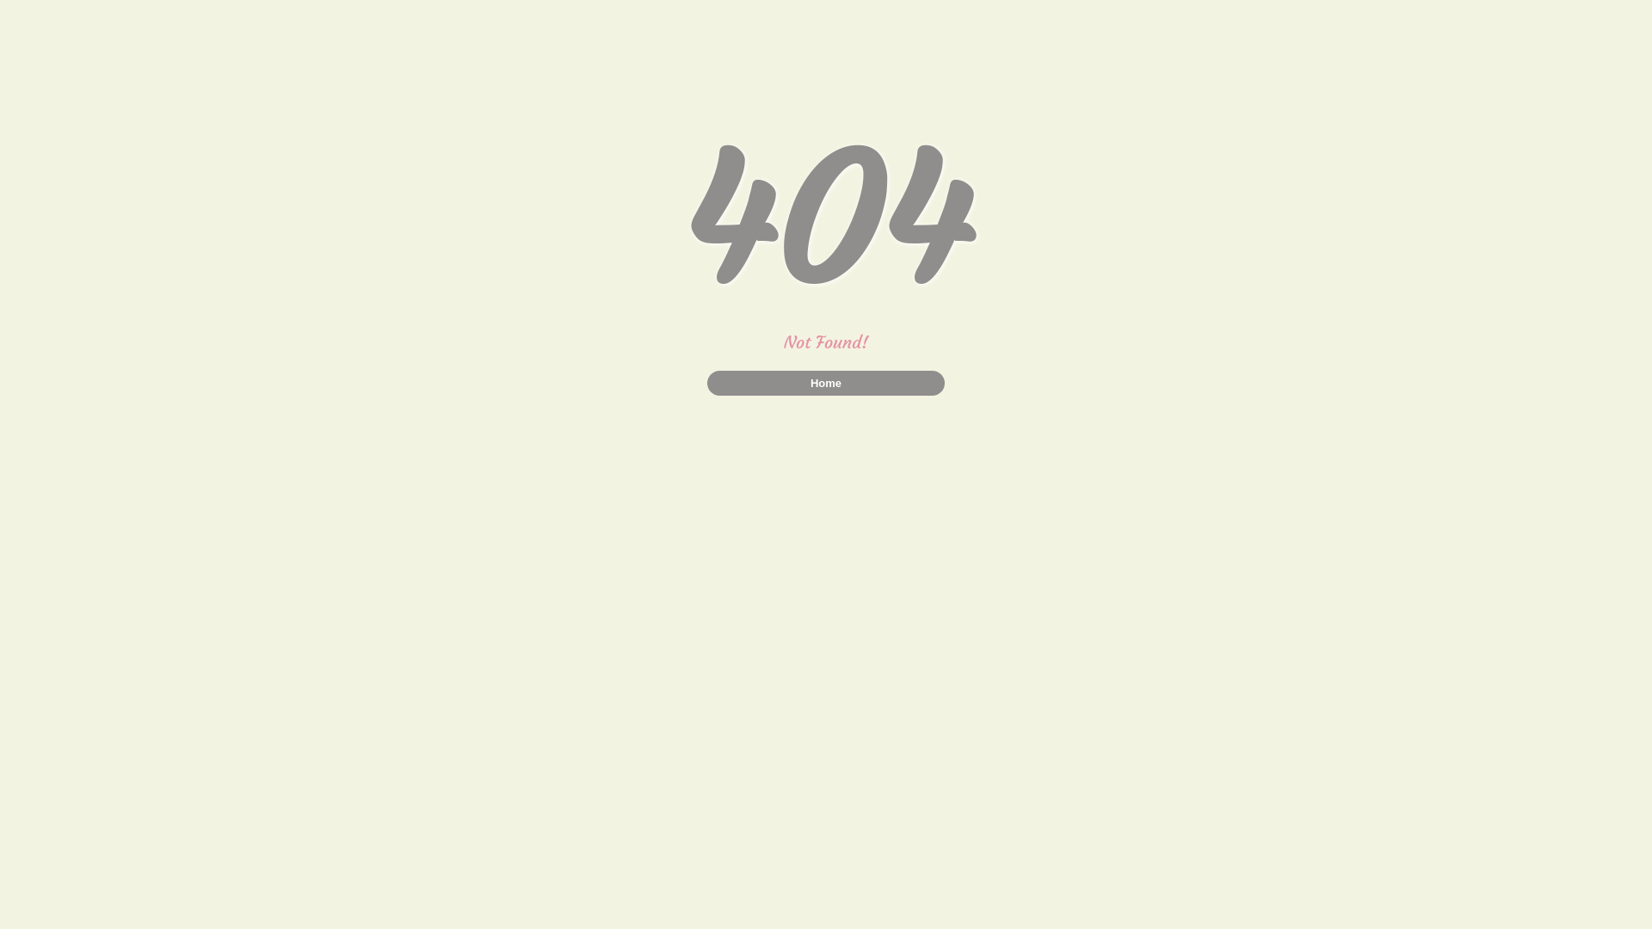 This screenshot has height=929, width=1652. I want to click on 'Home', so click(826, 382).